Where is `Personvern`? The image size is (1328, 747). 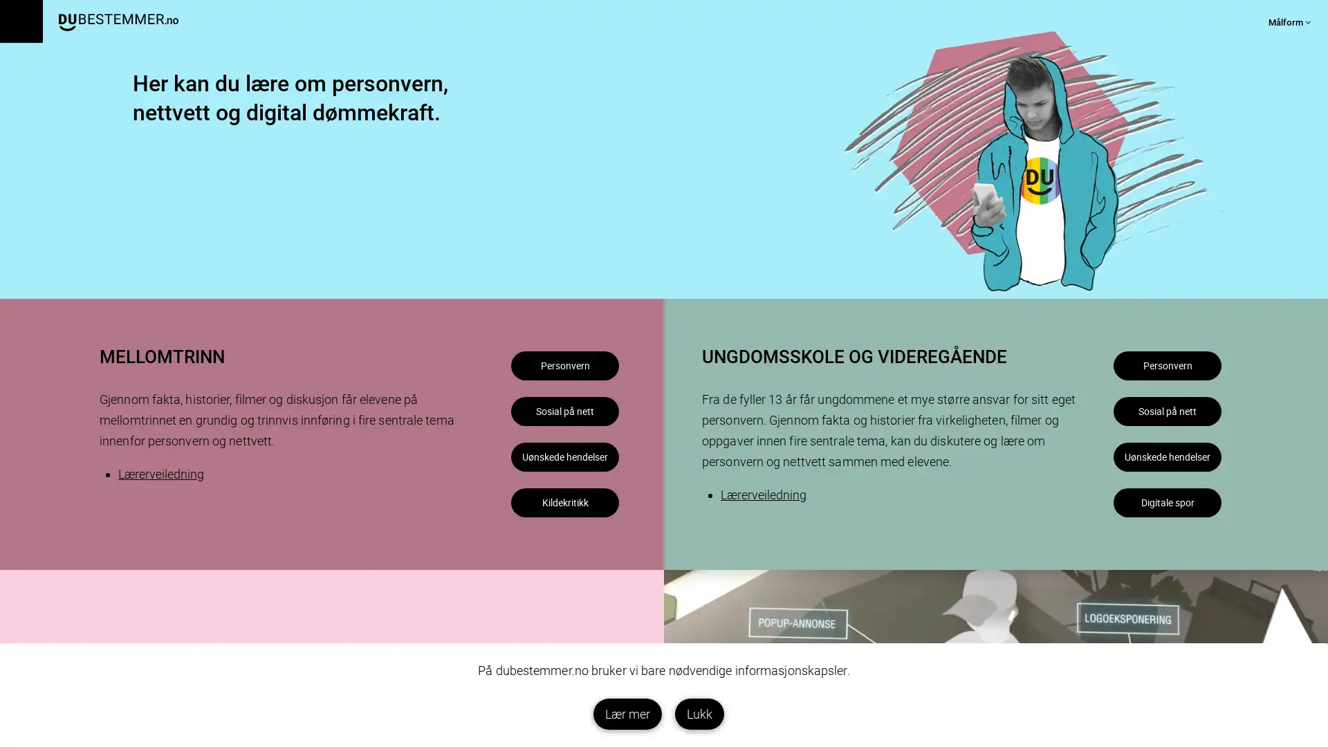
Personvern is located at coordinates (1119, 373).